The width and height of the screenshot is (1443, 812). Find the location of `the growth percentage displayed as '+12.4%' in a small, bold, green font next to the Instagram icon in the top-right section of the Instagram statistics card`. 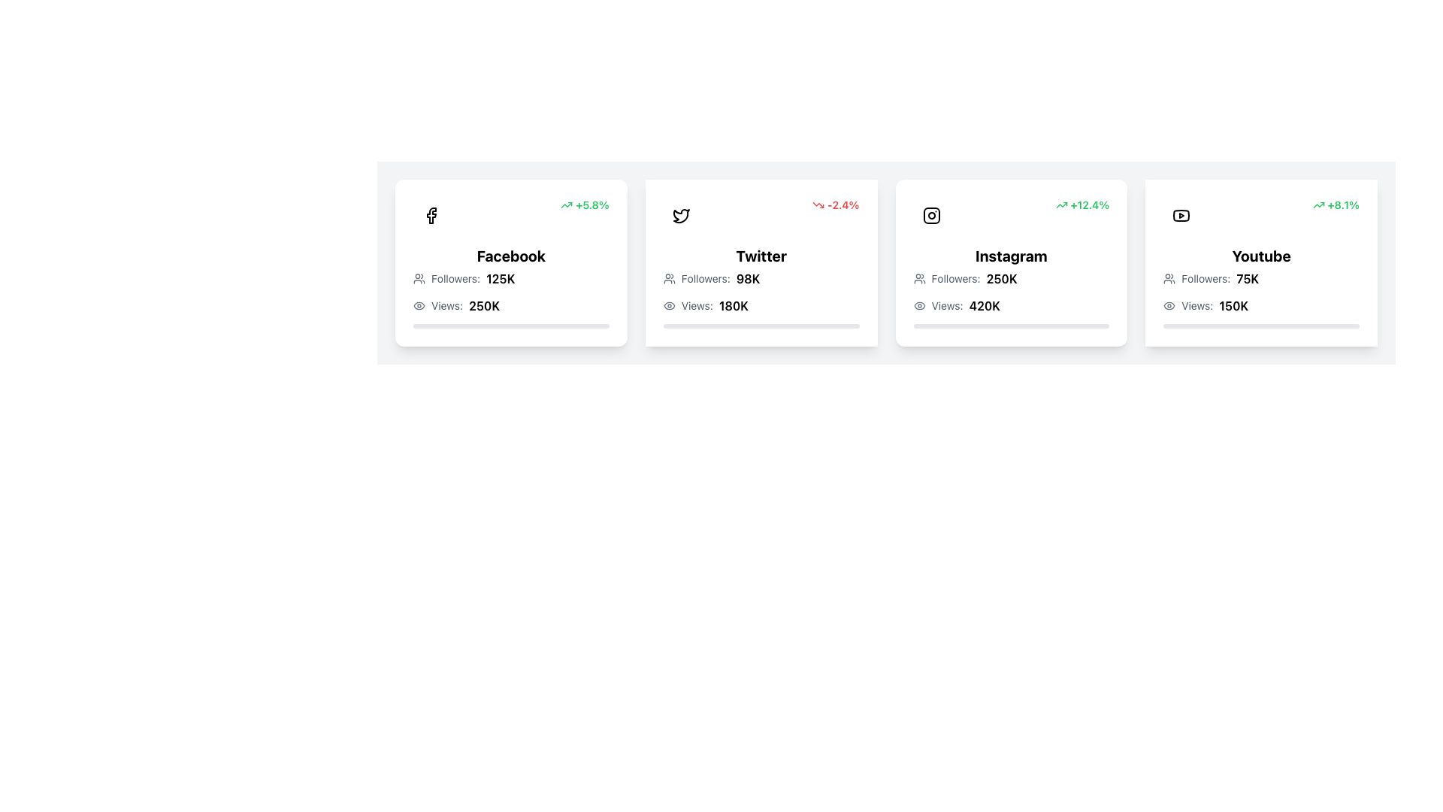

the growth percentage displayed as '+12.4%' in a small, bold, green font next to the Instagram icon in the top-right section of the Instagram statistics card is located at coordinates (1011, 215).